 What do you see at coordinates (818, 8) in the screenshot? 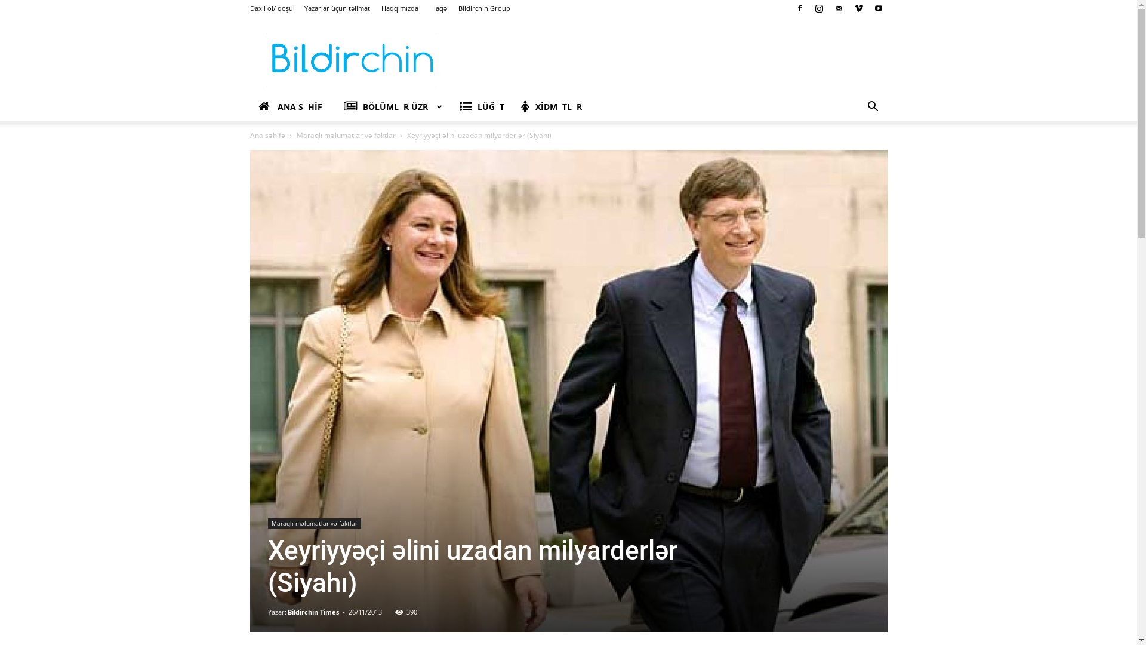
I see `'Instagram'` at bounding box center [818, 8].